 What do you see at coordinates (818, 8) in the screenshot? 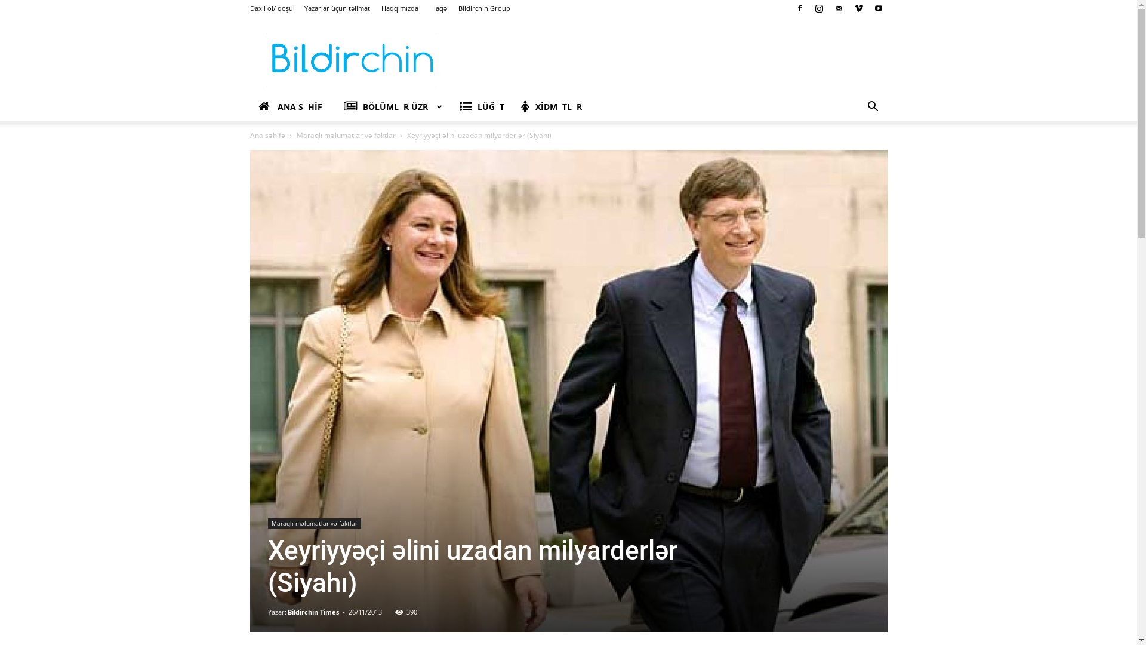
I see `'Instagram'` at bounding box center [818, 8].